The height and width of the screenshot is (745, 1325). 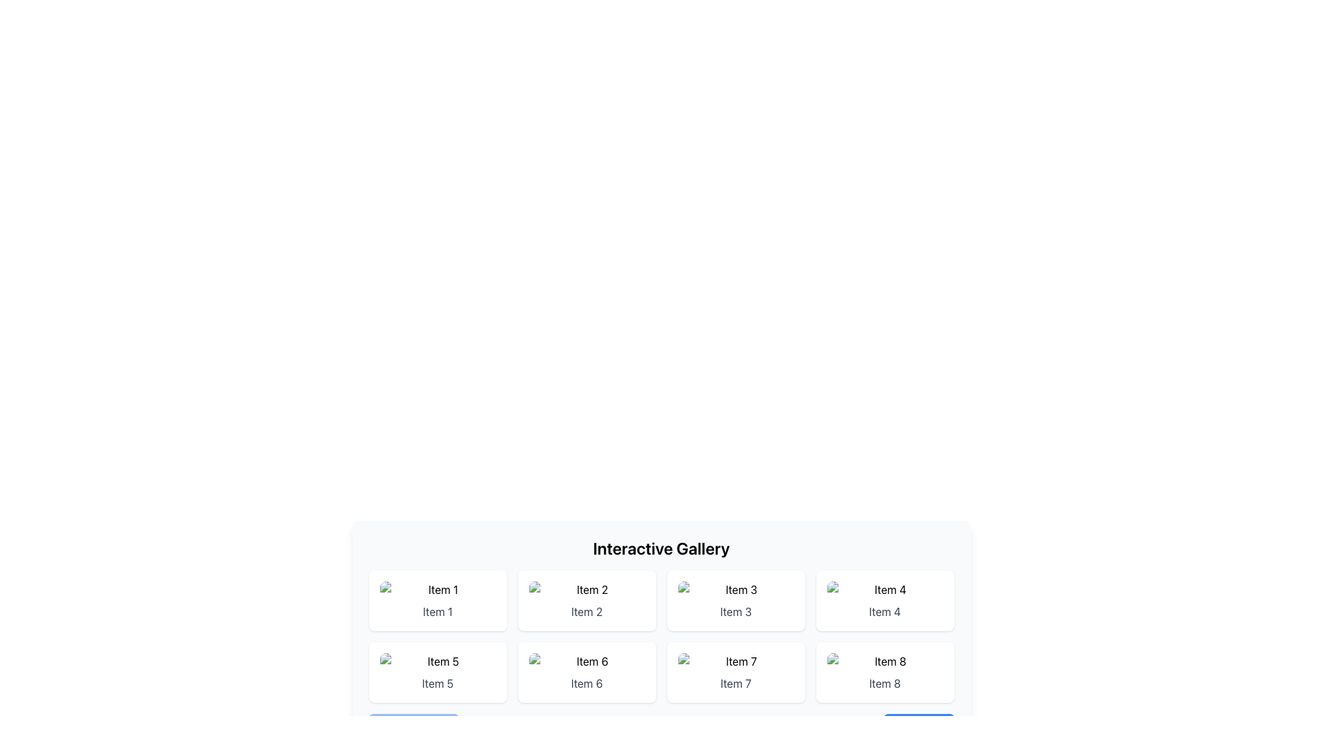 I want to click on the text label displaying 'Item 1', which is styled with center alignment and gray color, positioned below the corresponding image placeholder in the grid layout, so click(x=437, y=611).